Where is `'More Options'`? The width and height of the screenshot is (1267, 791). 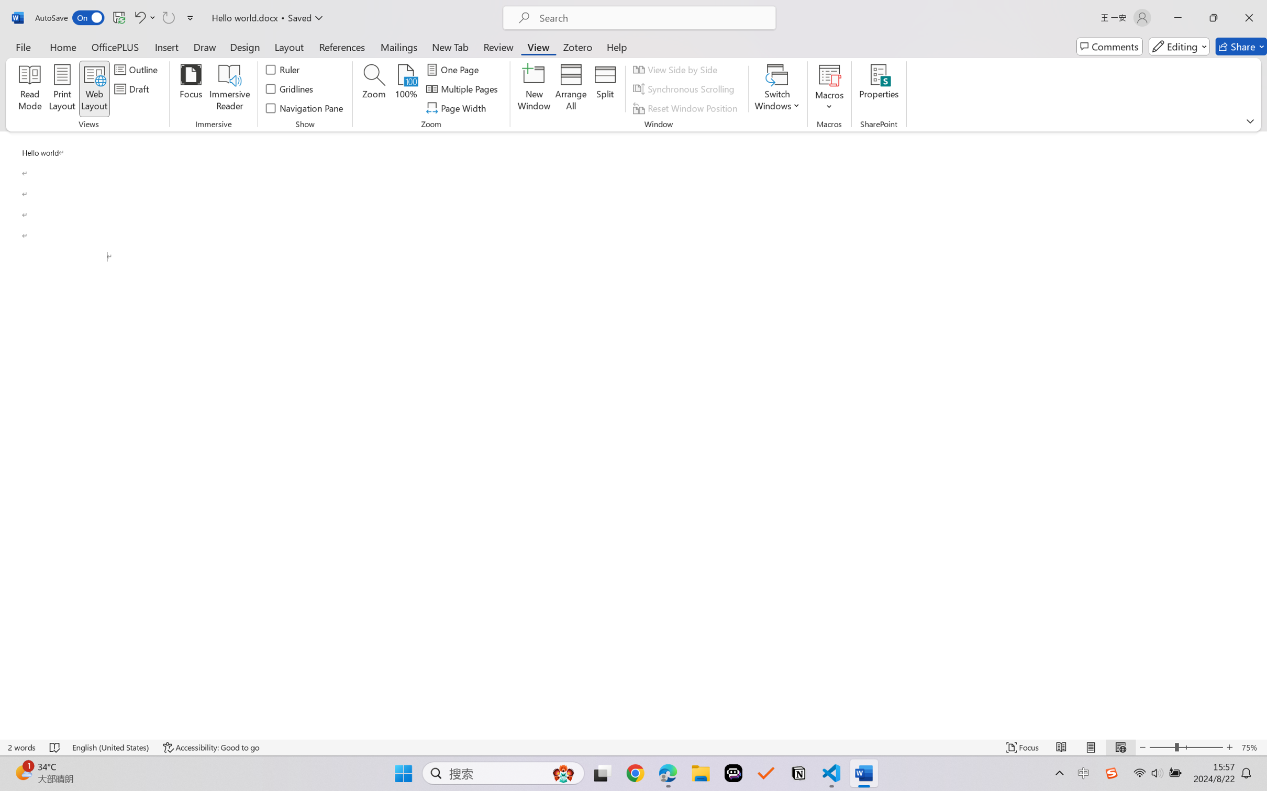 'More Options' is located at coordinates (829, 103).